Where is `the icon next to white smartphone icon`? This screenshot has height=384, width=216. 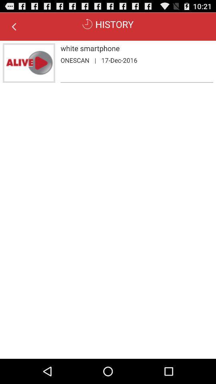
the icon next to white smartphone icon is located at coordinates (28, 62).